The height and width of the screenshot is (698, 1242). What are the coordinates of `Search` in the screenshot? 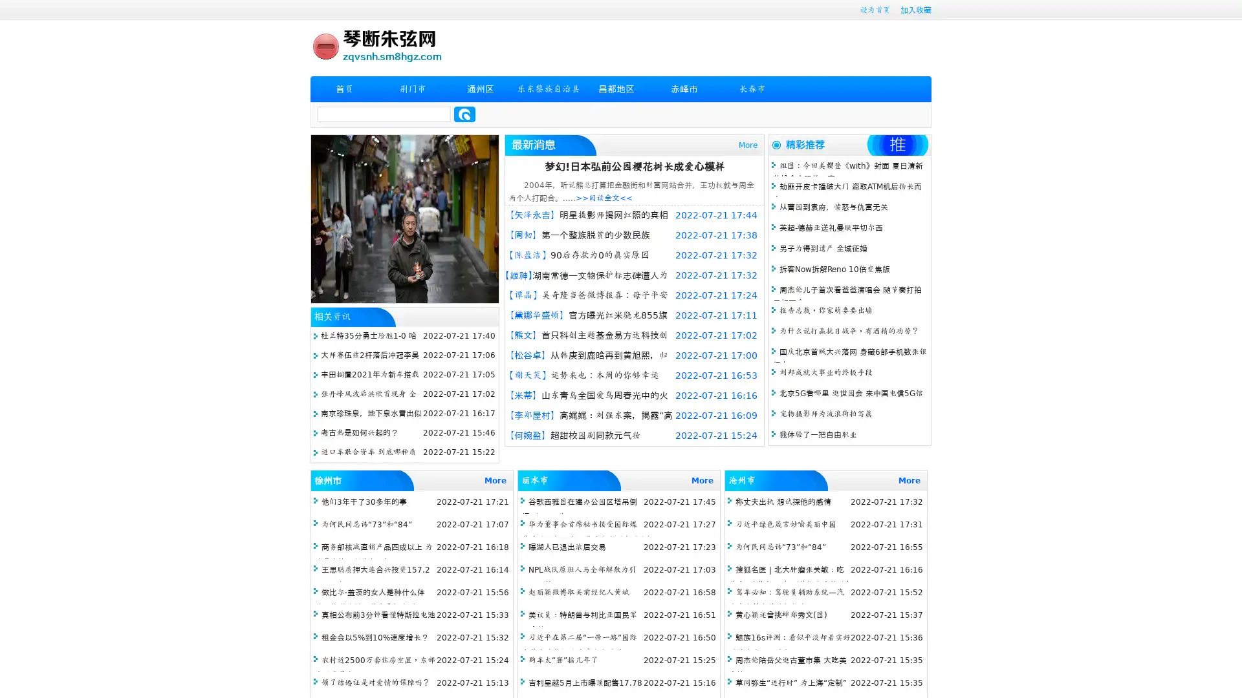 It's located at (464, 114).